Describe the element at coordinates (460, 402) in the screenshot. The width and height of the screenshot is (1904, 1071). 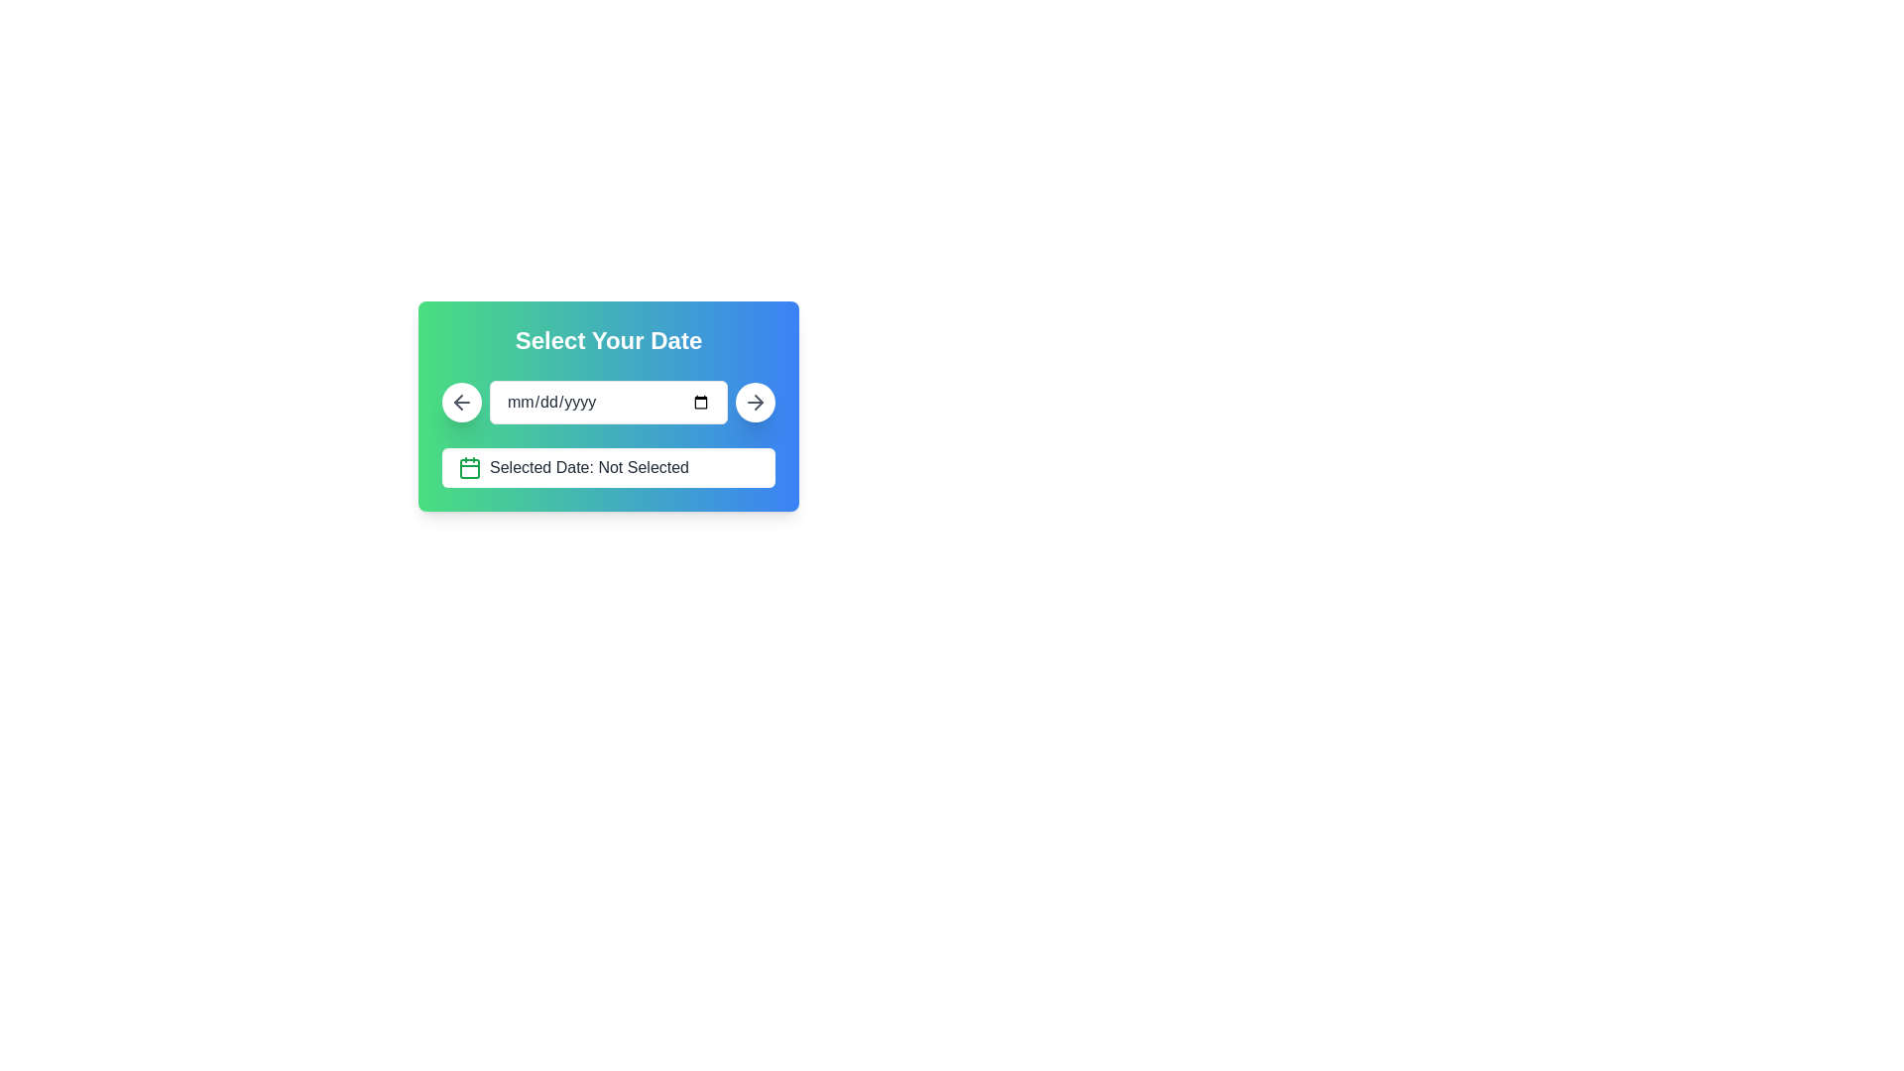
I see `the circular back or cancel button located on the left side of the date input field` at that location.